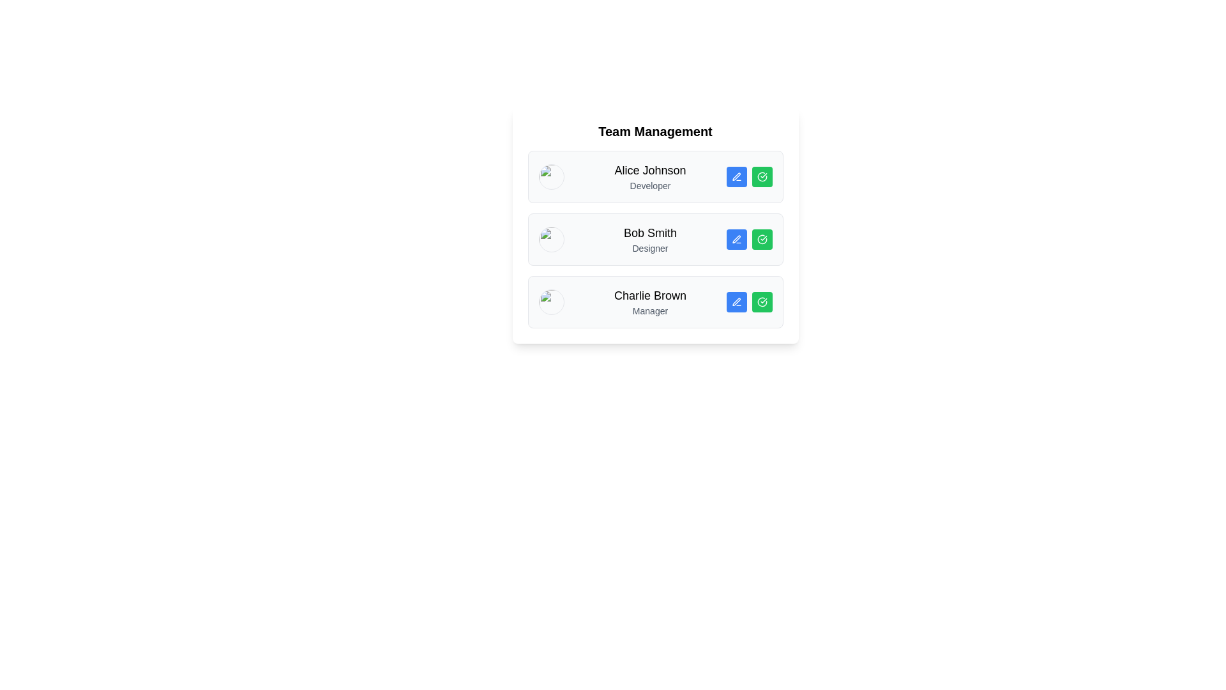  Describe the element at coordinates (736, 302) in the screenshot. I see `the minimalist pen icon button used for editing user information for Charlie Brown, Manager` at that location.